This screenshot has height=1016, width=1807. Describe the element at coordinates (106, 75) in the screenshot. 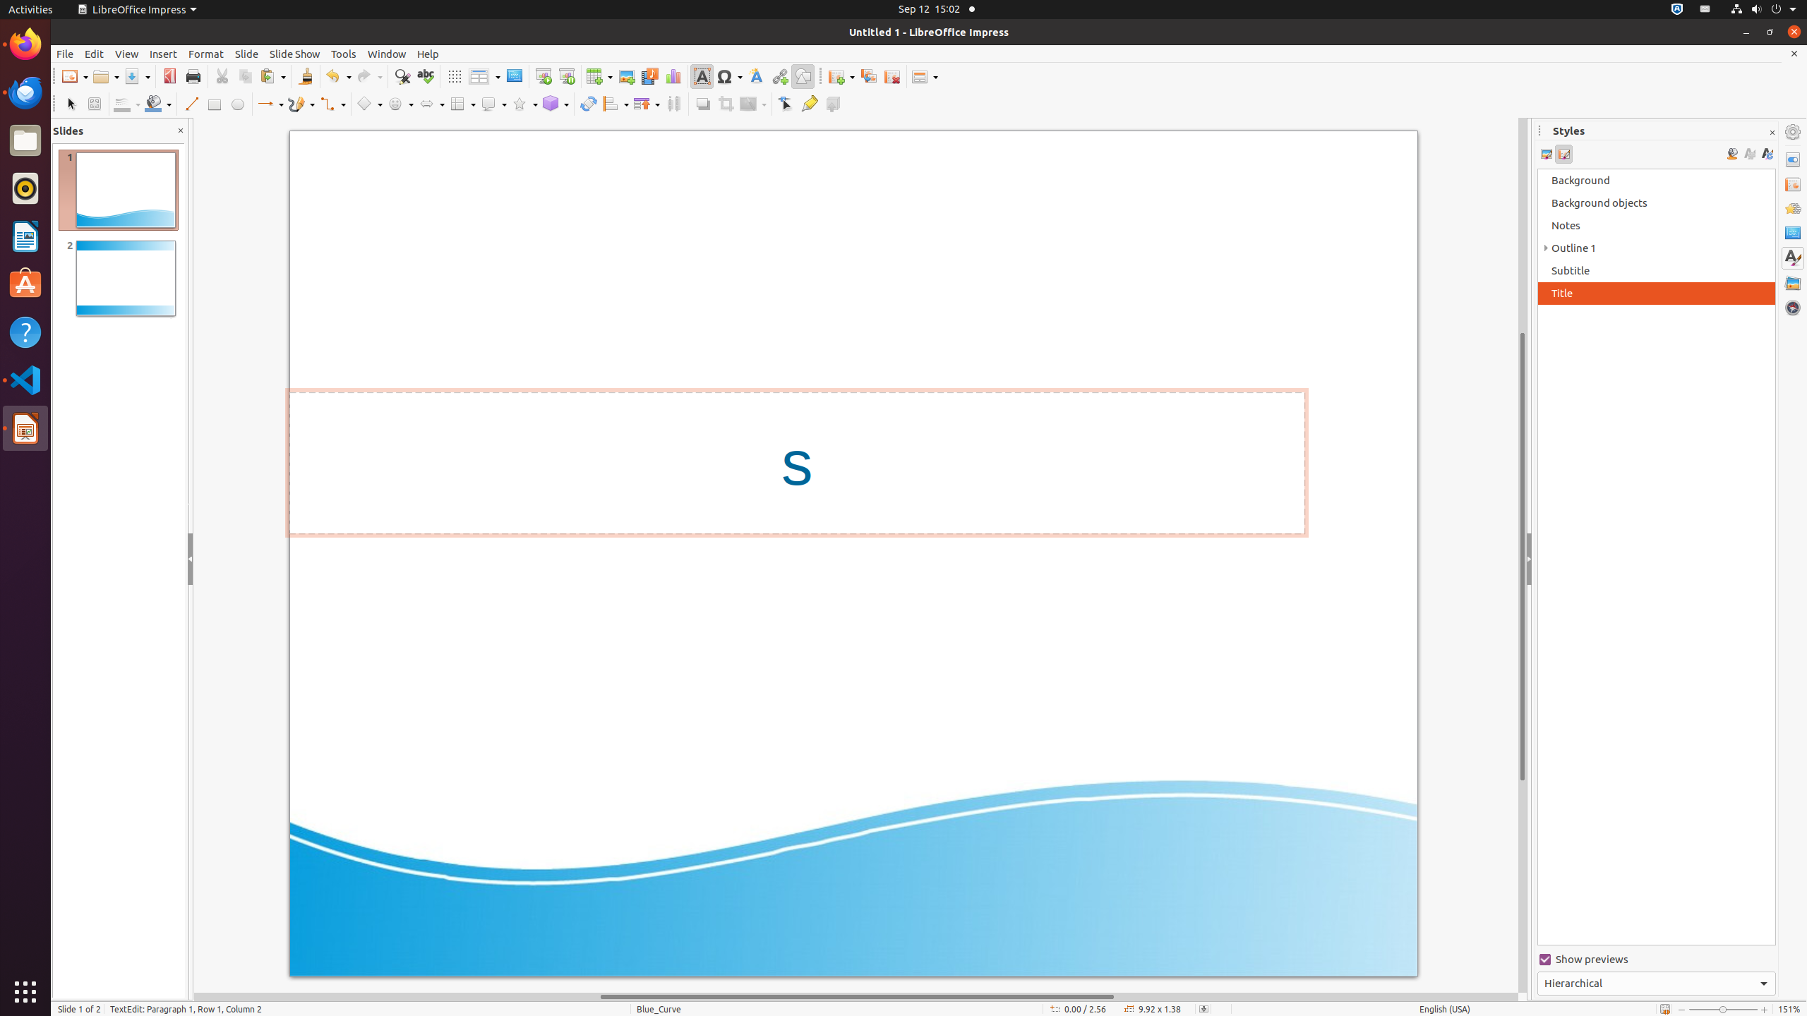

I see `'Open'` at that location.